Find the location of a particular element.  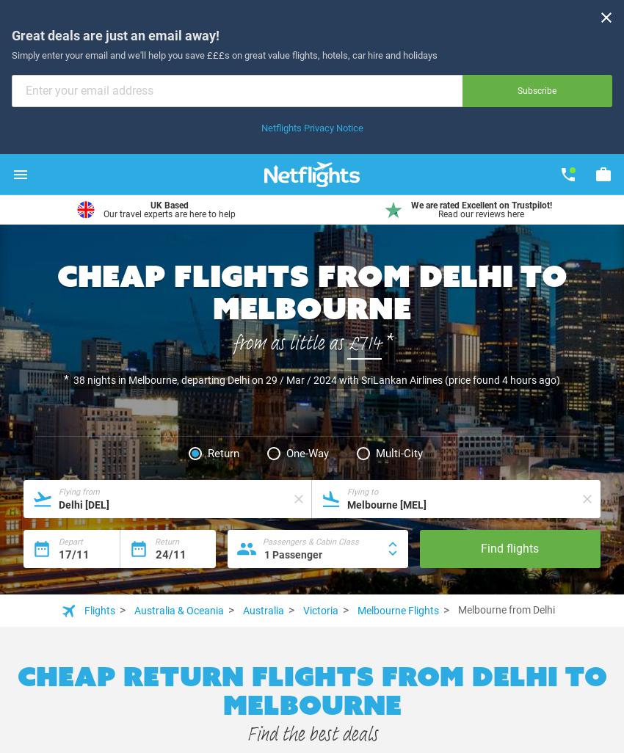

'Cheap flights from Delhi to Melbourne' is located at coordinates (311, 290).